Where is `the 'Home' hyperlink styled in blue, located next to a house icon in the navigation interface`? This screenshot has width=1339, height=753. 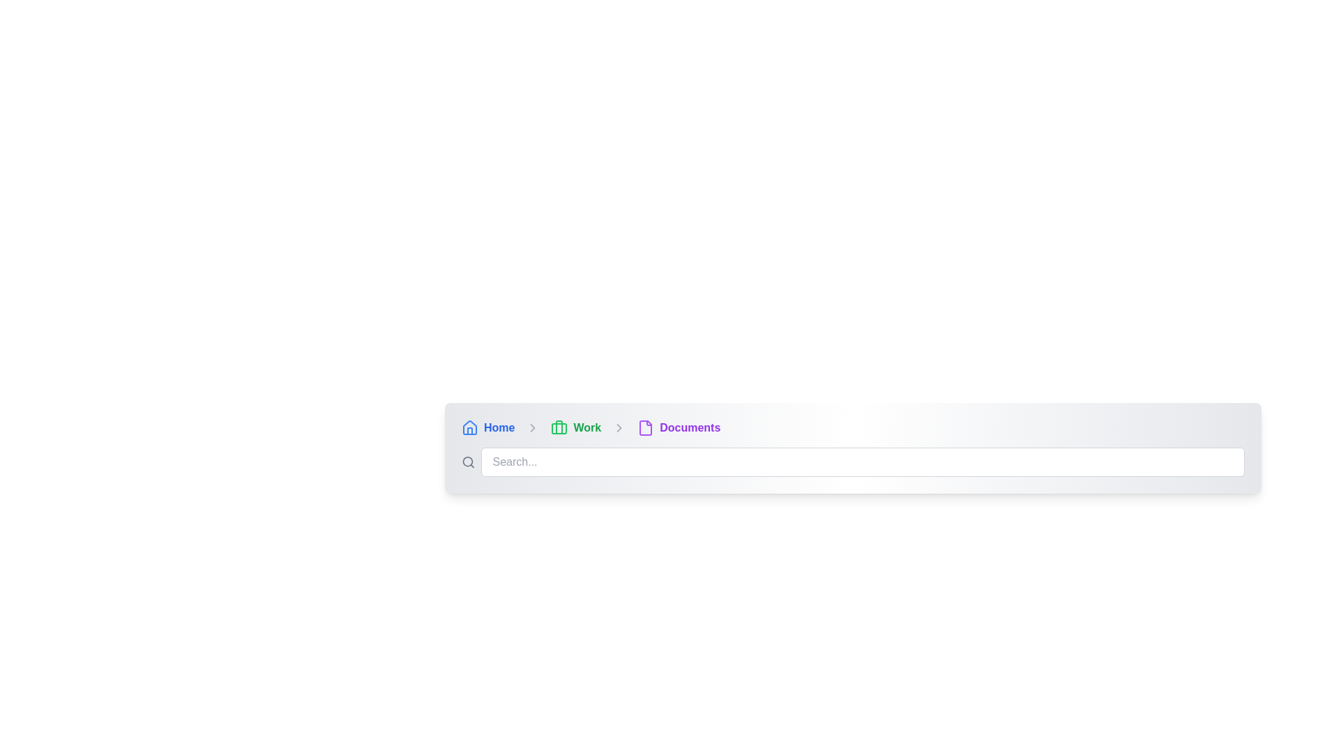 the 'Home' hyperlink styled in blue, located next to a house icon in the navigation interface is located at coordinates (499, 427).